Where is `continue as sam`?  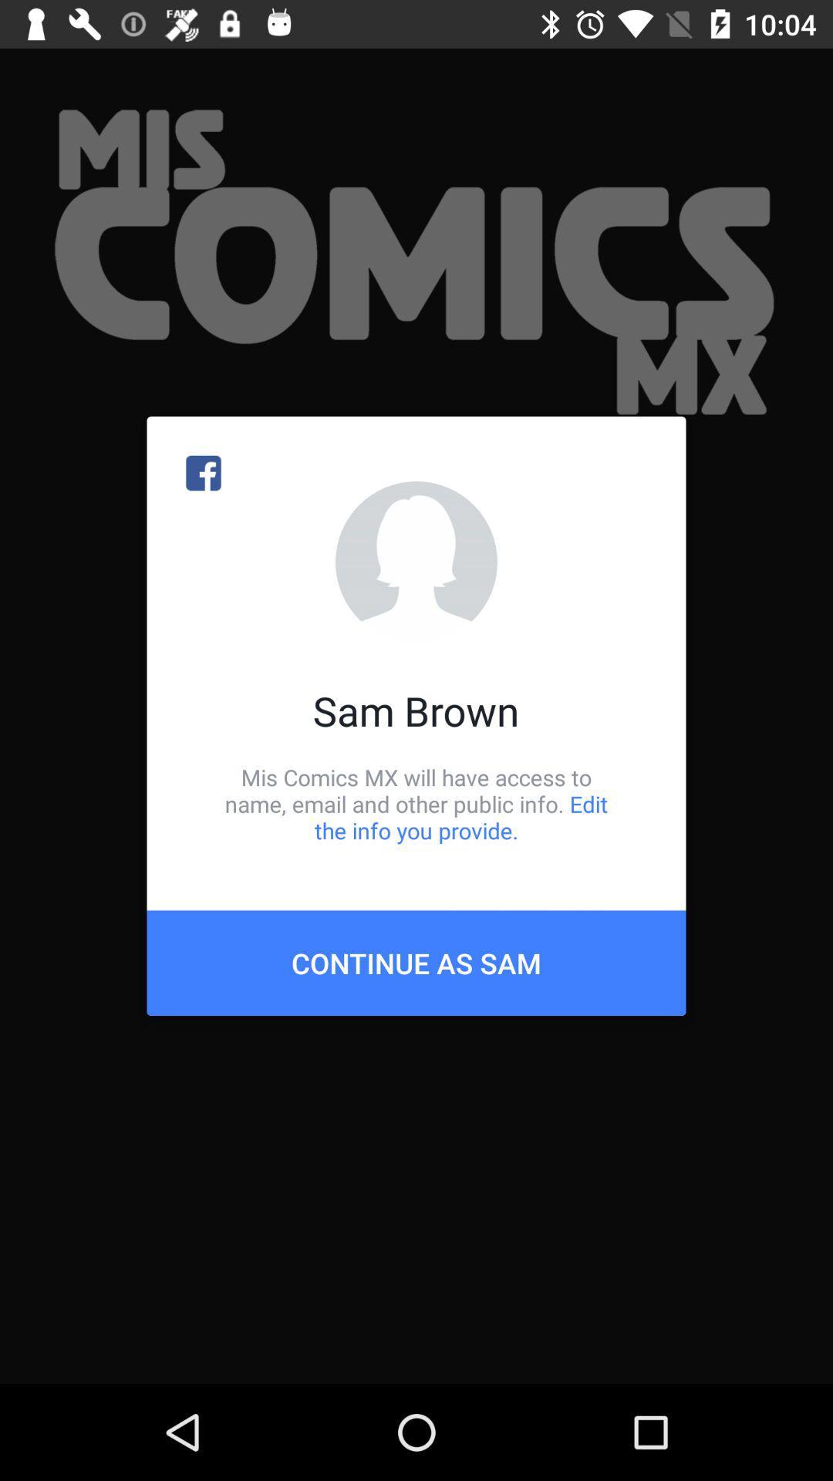
continue as sam is located at coordinates (416, 962).